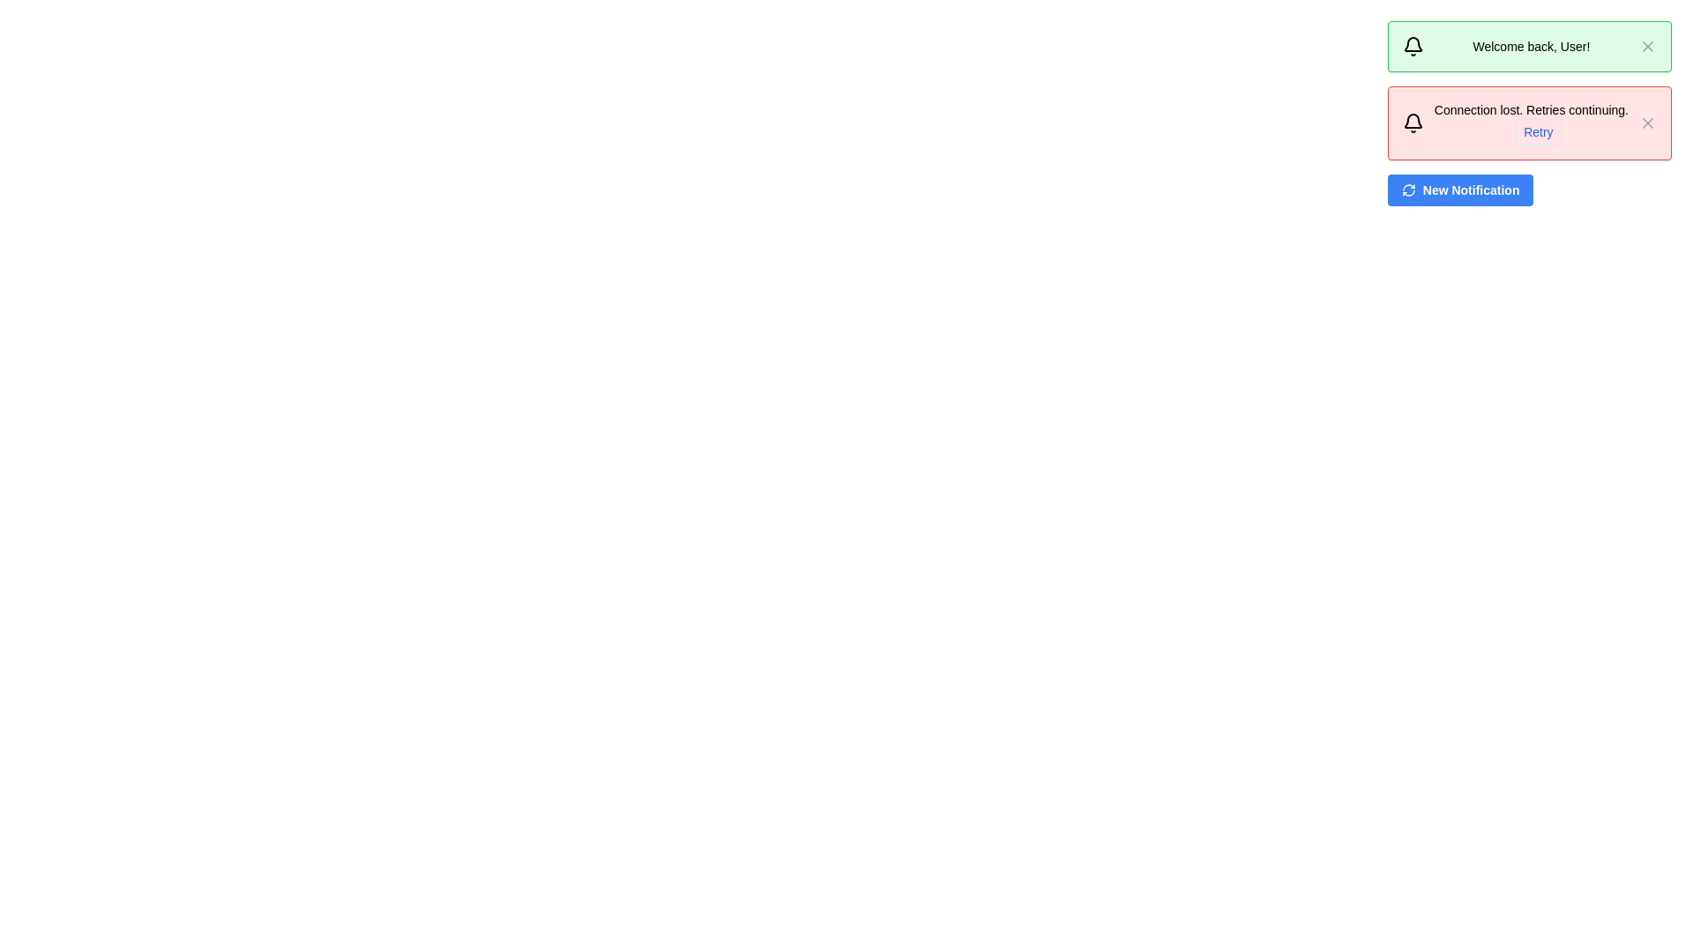 The height and width of the screenshot is (952, 1693). I want to click on the close icon located at the top-right corner of the green notification banner labeled 'Welcome back, User!', so click(1646, 122).